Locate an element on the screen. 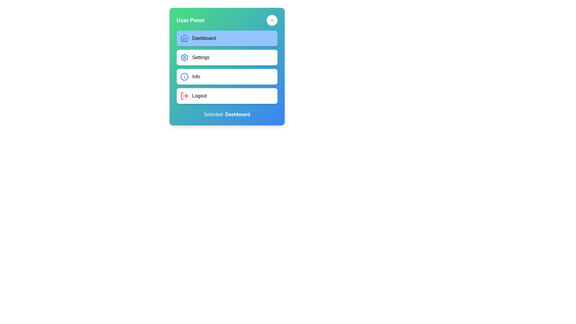  the vertical stack of four interactive buttons with white tiles and rounded corners, located in the 'User Panel' card, to trigger visual feedback is located at coordinates (226, 67).